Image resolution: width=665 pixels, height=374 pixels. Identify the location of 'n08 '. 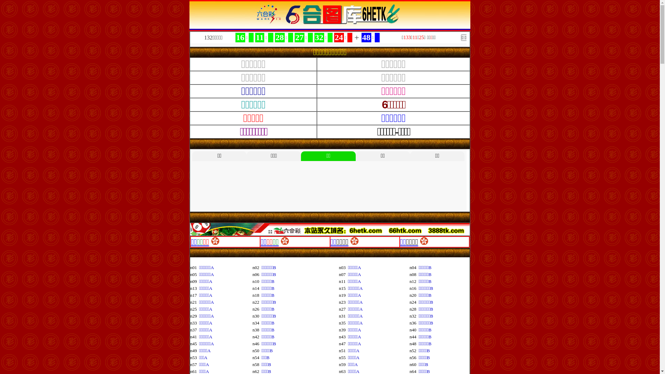
(414, 274).